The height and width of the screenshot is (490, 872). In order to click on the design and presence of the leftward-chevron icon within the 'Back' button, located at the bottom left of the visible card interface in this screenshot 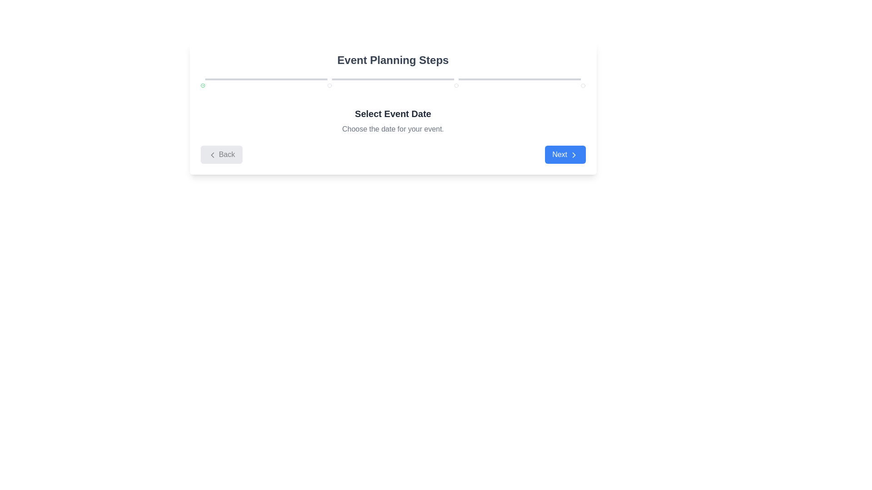, I will do `click(212, 154)`.